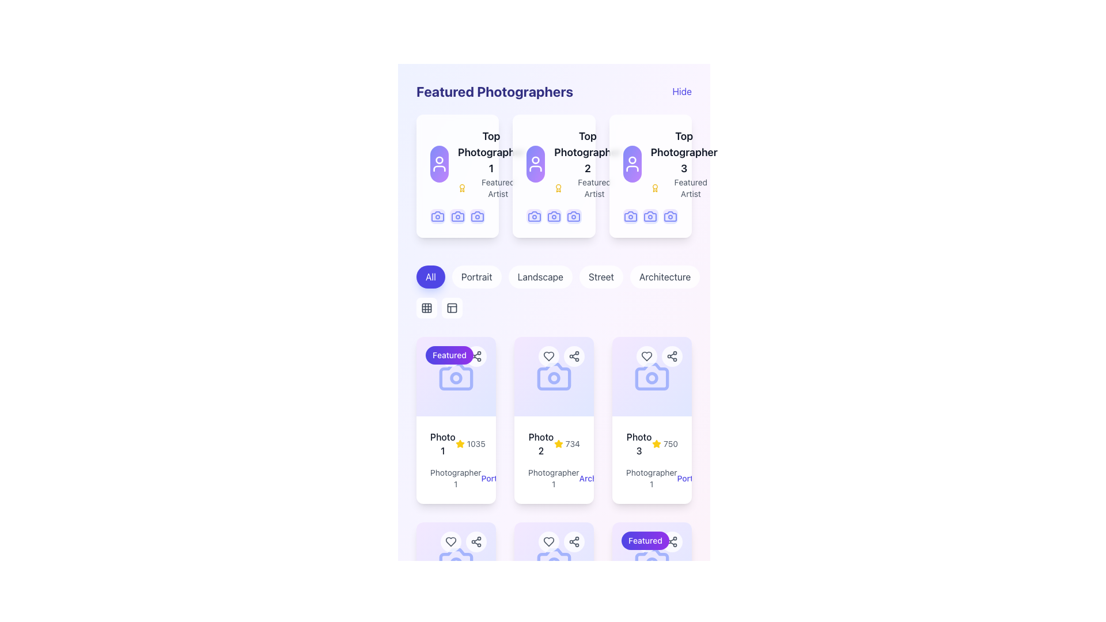  Describe the element at coordinates (671, 443) in the screenshot. I see `text label displaying '750' which is in a small gray font and located to the right of a star icon, part of the 'Photo 3' card in the grid layout` at that location.